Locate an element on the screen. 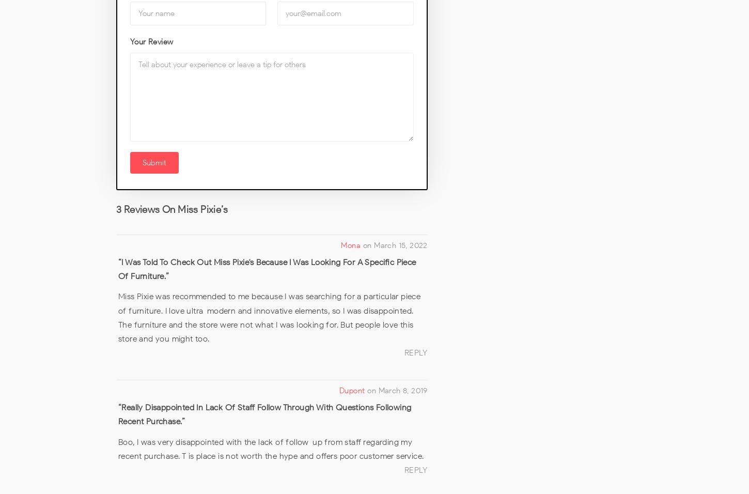 Image resolution: width=749 pixels, height=494 pixels. '3 Reviews on Miss Pixie’s' is located at coordinates (172, 209).